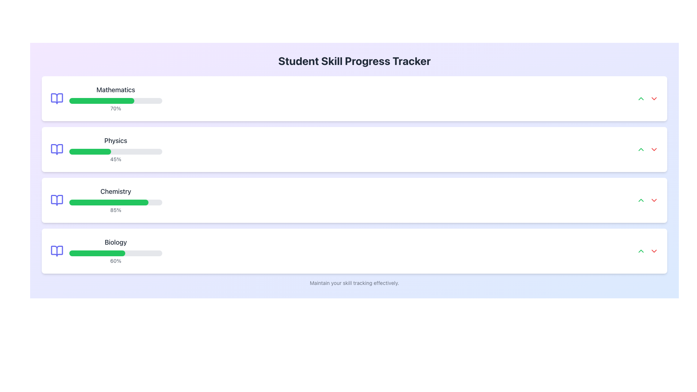 This screenshot has height=392, width=697. I want to click on the book icon with a blue outline located to the left of the green progress bar indicating 'Physics' and '45%'. This icon is the top-left icon within the 'Physics' progress card, the second card in a vertical list, so click(57, 149).